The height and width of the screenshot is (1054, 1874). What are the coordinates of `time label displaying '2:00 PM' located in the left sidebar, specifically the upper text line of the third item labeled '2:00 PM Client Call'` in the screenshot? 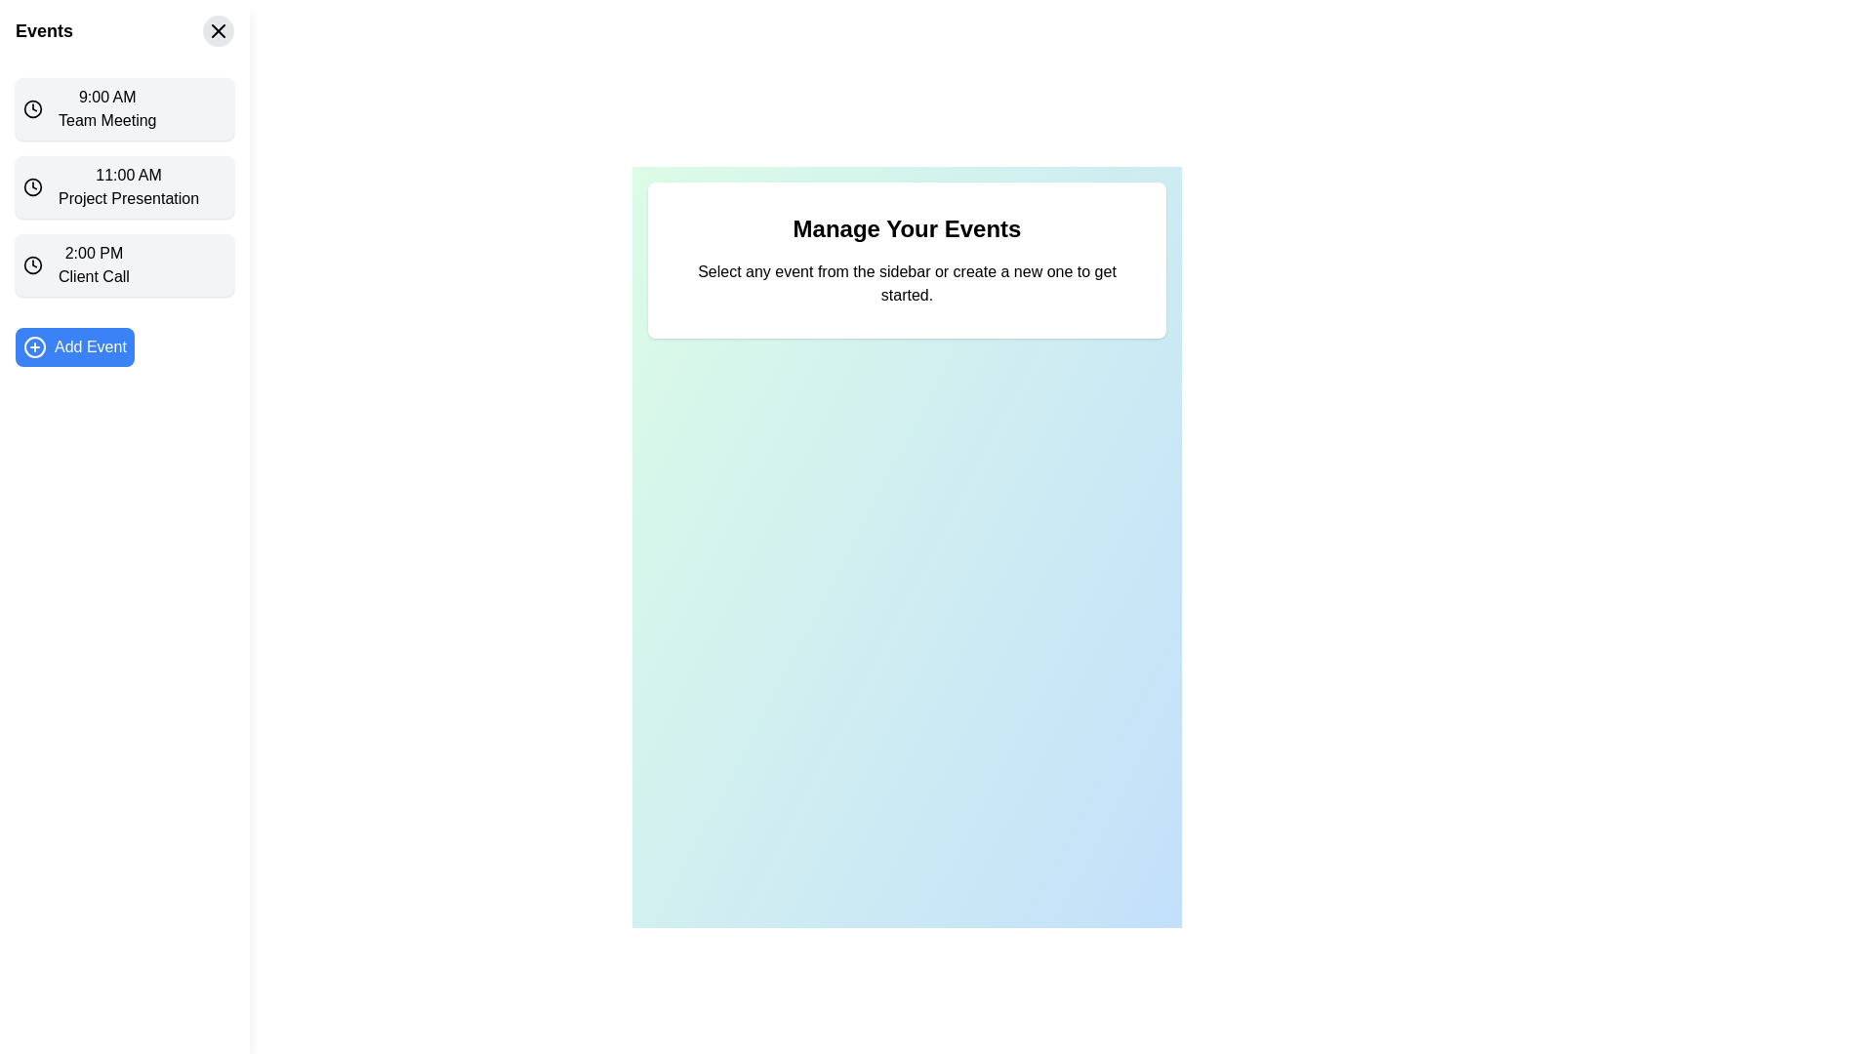 It's located at (93, 252).